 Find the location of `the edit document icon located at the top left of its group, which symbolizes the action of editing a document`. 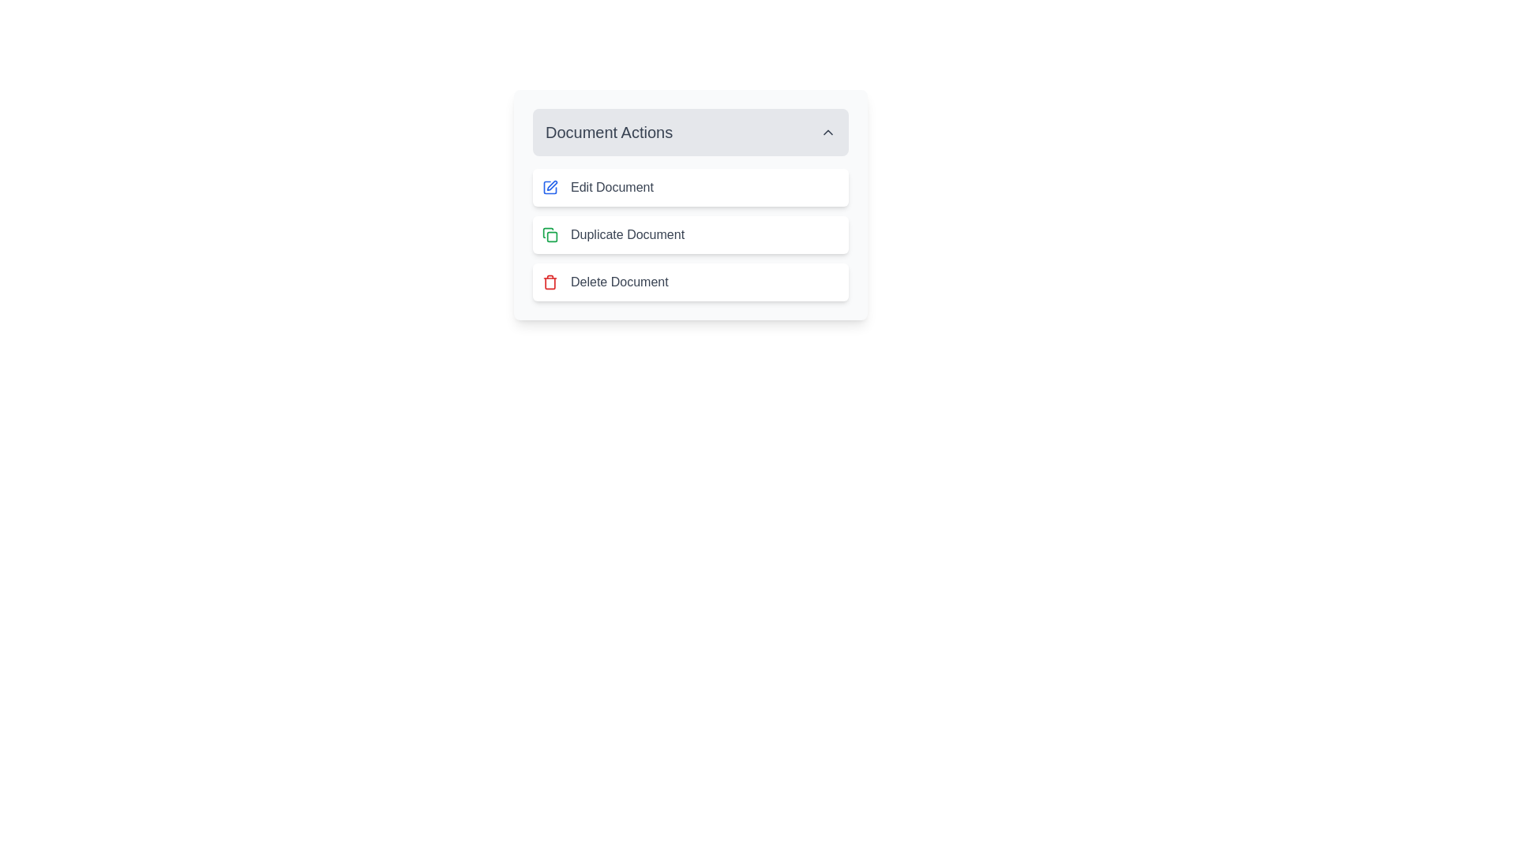

the edit document icon located at the top left of its group, which symbolizes the action of editing a document is located at coordinates (550, 187).